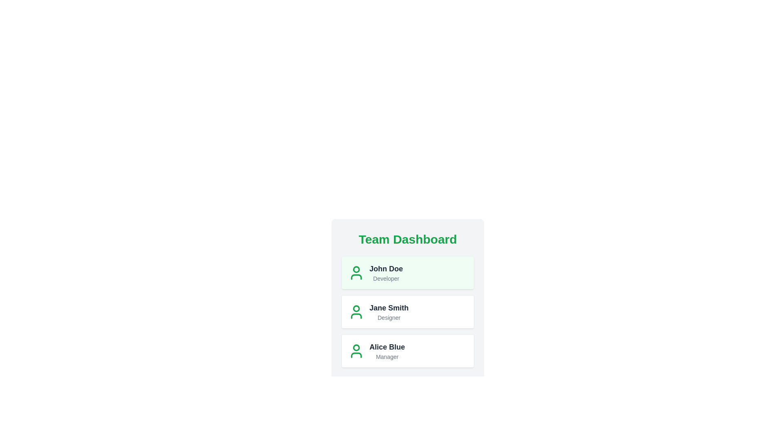  What do you see at coordinates (356, 347) in the screenshot?
I see `the circular profile icon with a green stroke representing the user's avatar located at the top section of the 'John Doe' card` at bounding box center [356, 347].